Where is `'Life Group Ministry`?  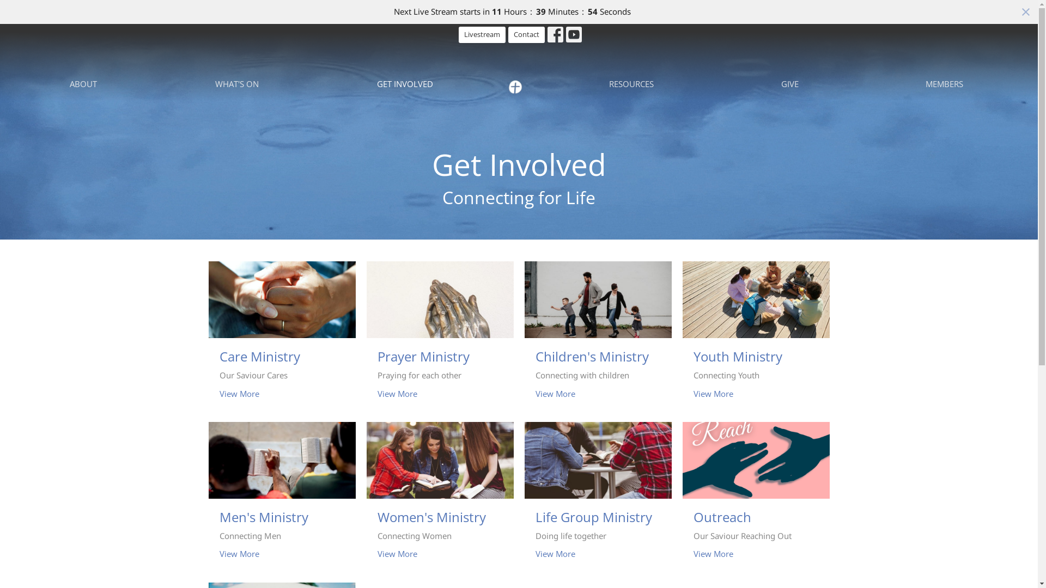 'Life Group Ministry is located at coordinates (597, 497).